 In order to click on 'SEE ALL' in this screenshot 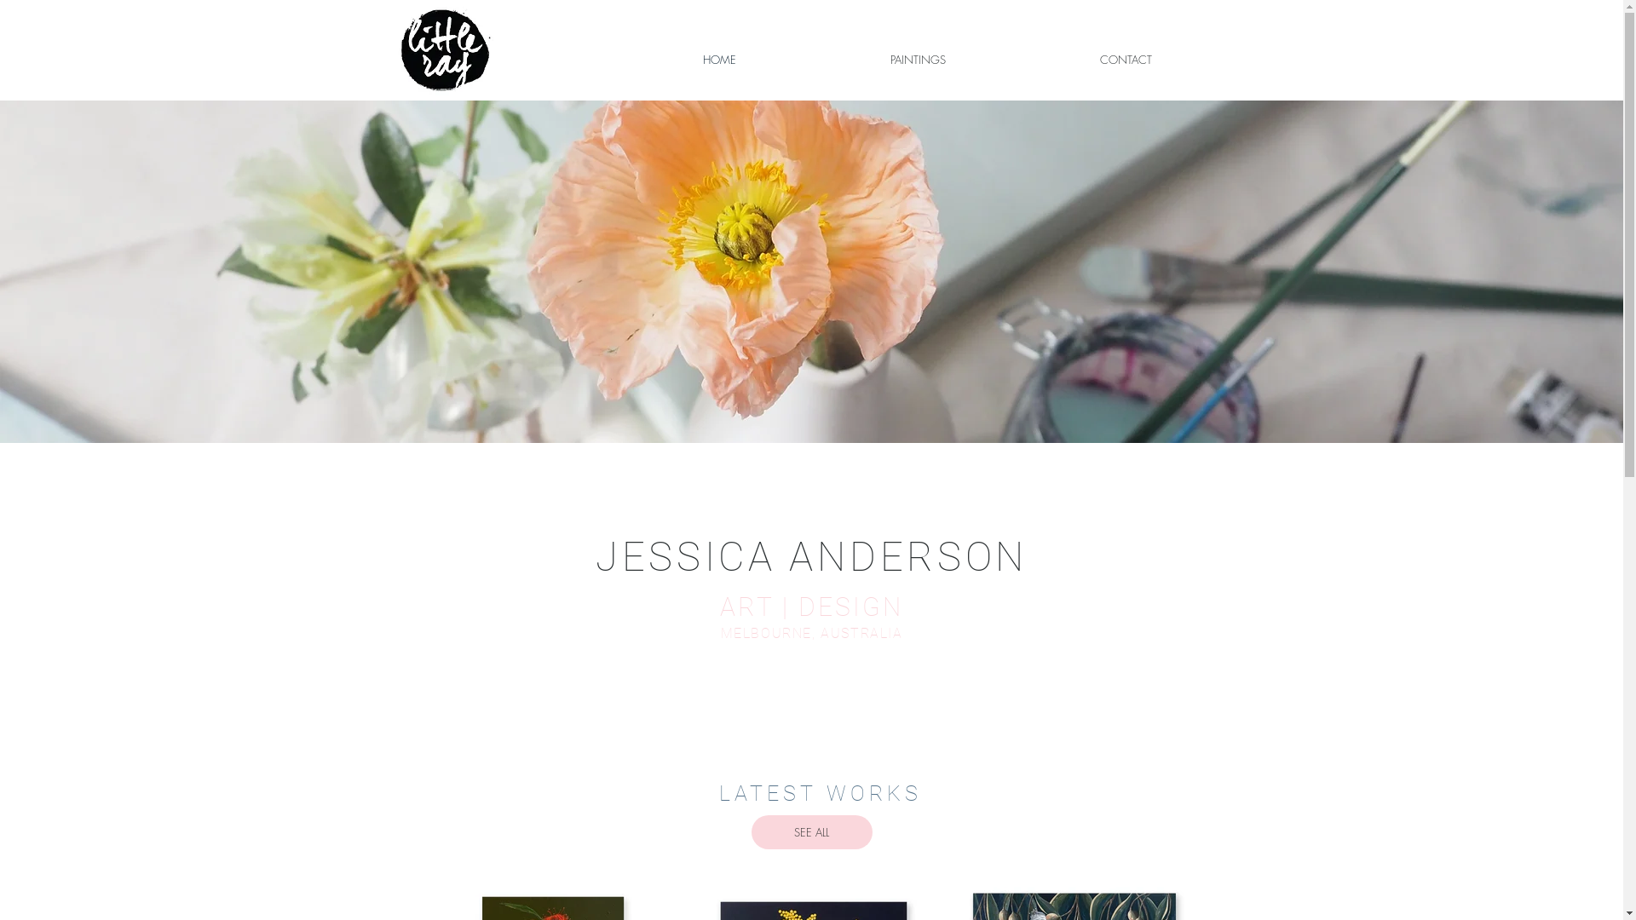, I will do `click(811, 831)`.